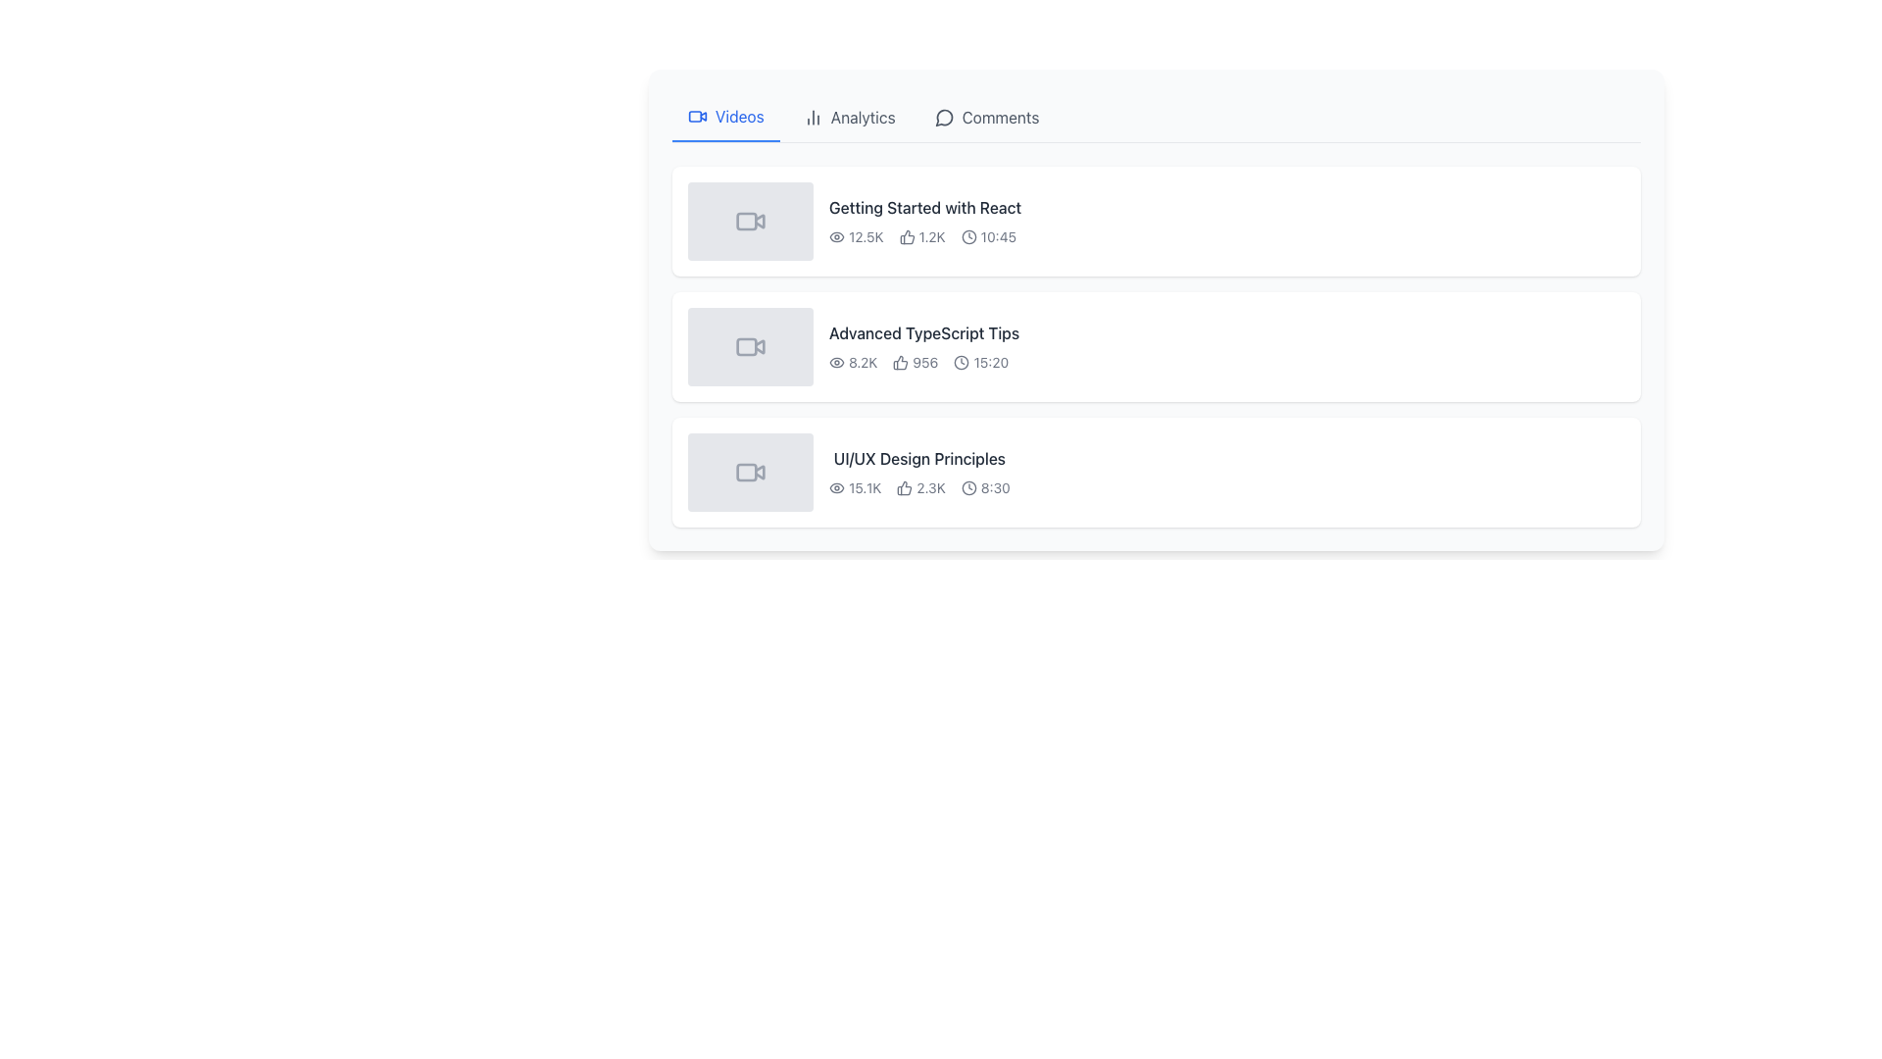  What do you see at coordinates (906, 236) in the screenshot?
I see `the thumbs-up icon located to the immediate left of the '1.2K' text` at bounding box center [906, 236].